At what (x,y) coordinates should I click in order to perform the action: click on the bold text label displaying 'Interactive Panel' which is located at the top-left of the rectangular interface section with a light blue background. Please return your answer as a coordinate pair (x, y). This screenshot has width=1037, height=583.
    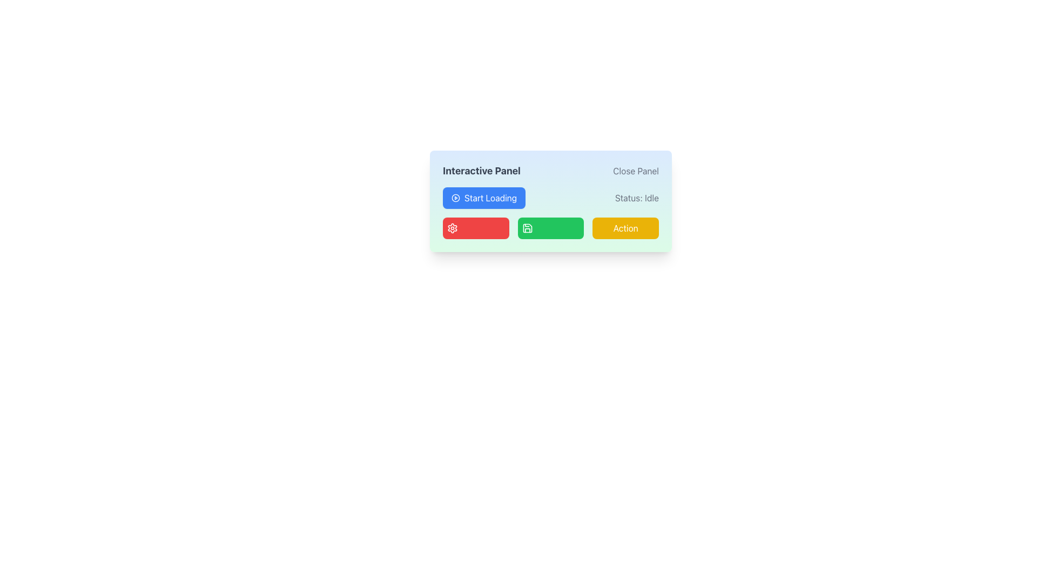
    Looking at the image, I should click on (481, 170).